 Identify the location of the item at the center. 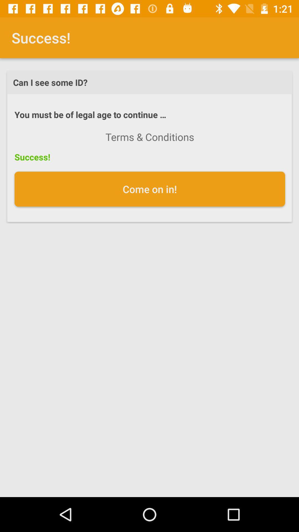
(150, 189).